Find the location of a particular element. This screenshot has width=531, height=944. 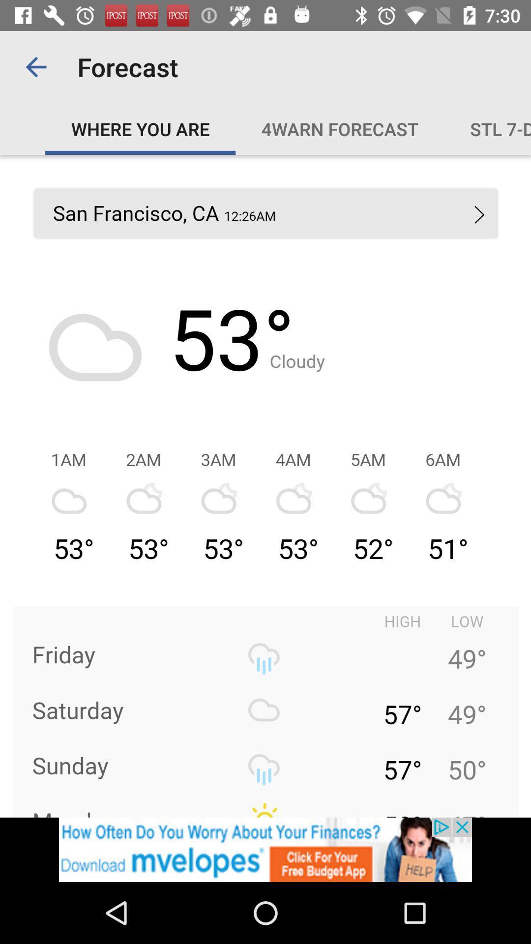

open the advertisement is located at coordinates (265, 849).